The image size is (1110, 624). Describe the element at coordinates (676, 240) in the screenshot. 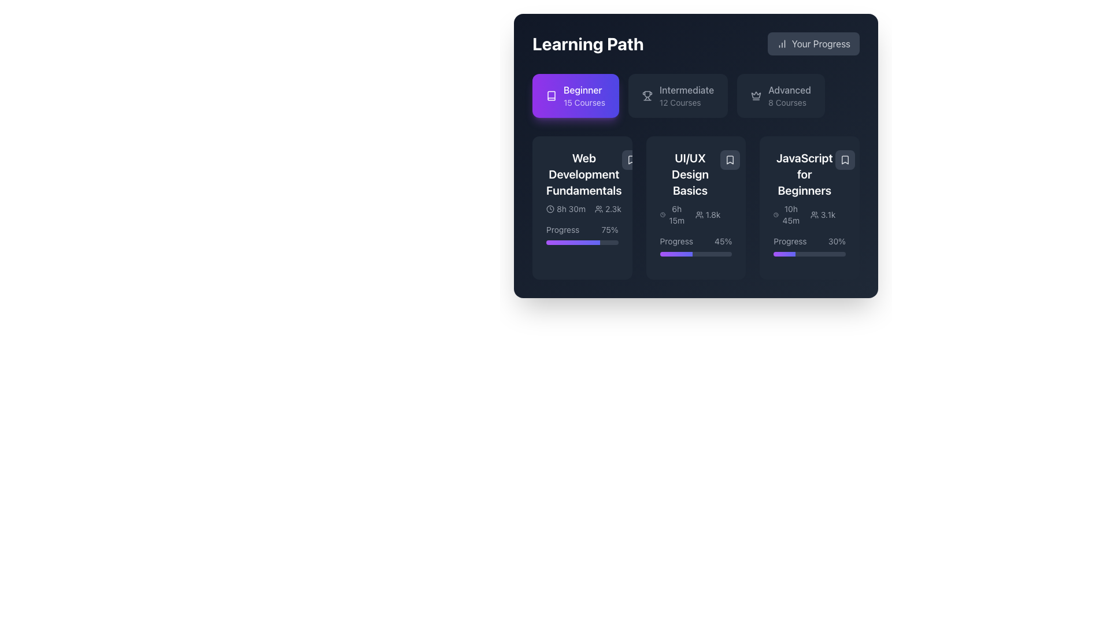

I see `text label displaying 'Progress' in light gray color located to the left of the percentage value on the 'UI/UX Design Basics' course card` at that location.